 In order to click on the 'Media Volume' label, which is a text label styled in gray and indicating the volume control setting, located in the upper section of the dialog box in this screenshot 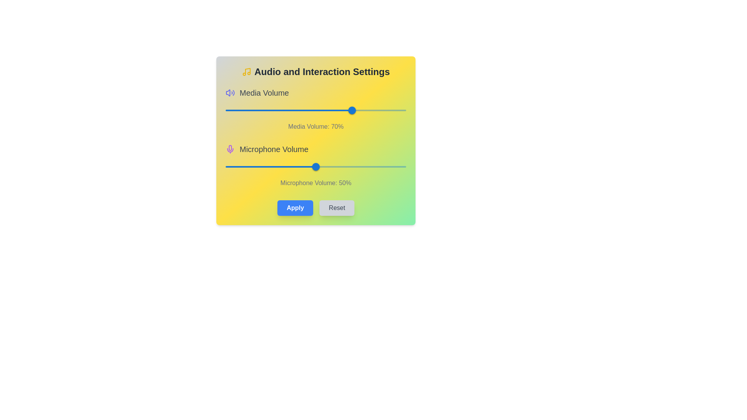, I will do `click(264, 93)`.